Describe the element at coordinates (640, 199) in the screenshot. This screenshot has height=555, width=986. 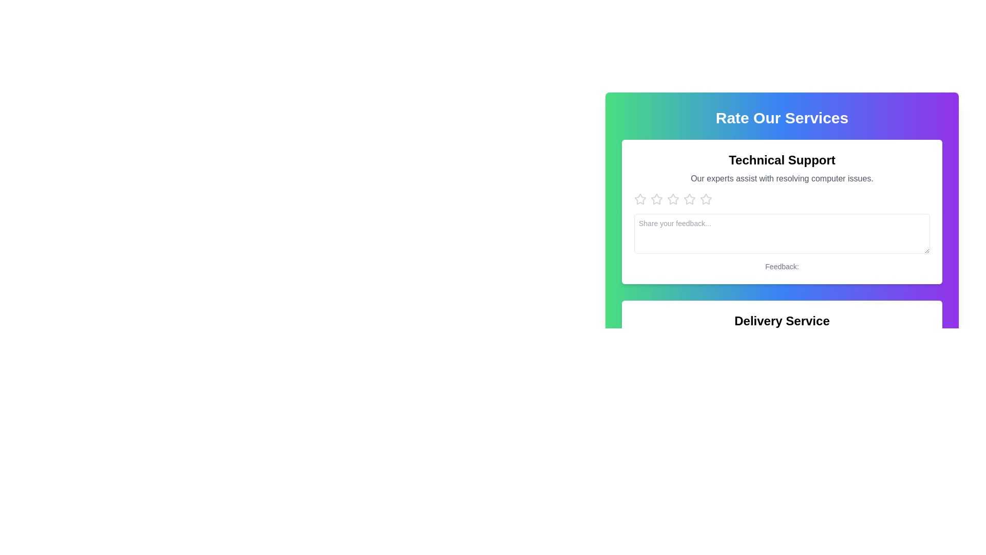
I see `the first star icon in the rating UI component for 'Technical Support'` at that location.